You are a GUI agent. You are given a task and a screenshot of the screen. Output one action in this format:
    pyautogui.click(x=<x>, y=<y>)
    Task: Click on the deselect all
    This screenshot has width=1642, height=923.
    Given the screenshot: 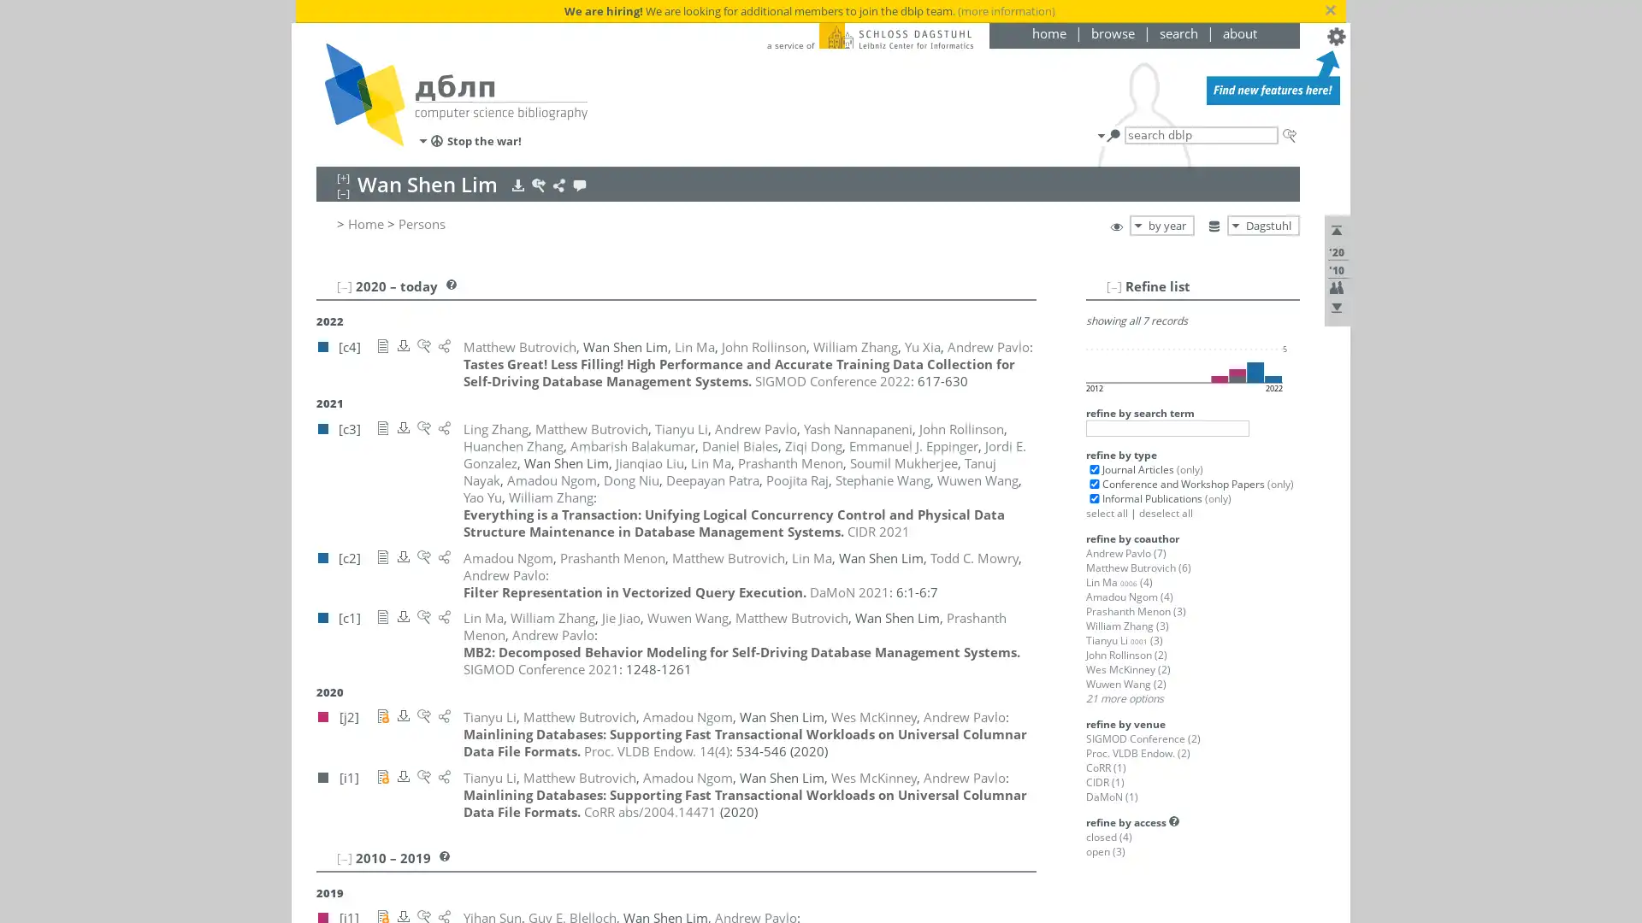 What is the action you would take?
    pyautogui.click(x=1165, y=512)
    